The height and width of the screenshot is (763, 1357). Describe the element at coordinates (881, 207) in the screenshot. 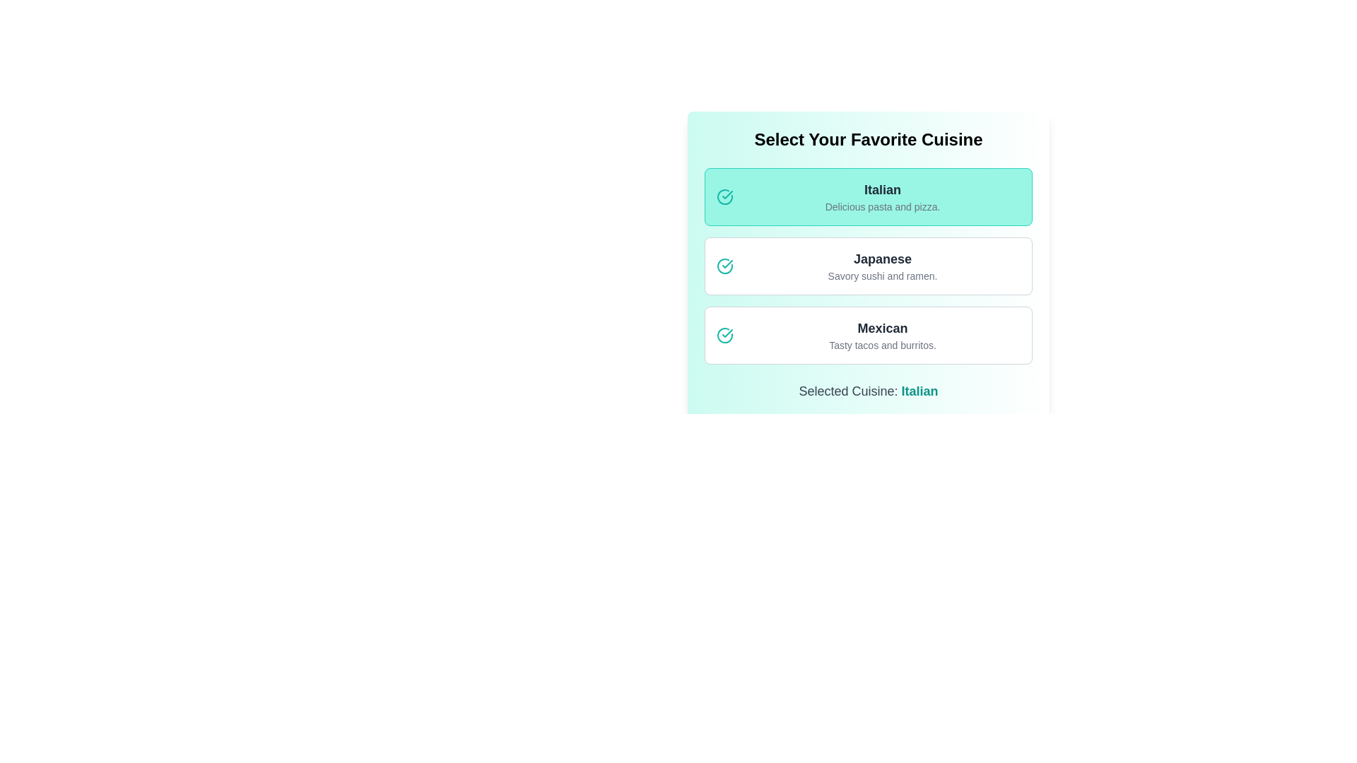

I see `the non-interactive text label providing details about 'Italian' cuisine, located within the card labeled 'Italian' in the list of cuisine options` at that location.